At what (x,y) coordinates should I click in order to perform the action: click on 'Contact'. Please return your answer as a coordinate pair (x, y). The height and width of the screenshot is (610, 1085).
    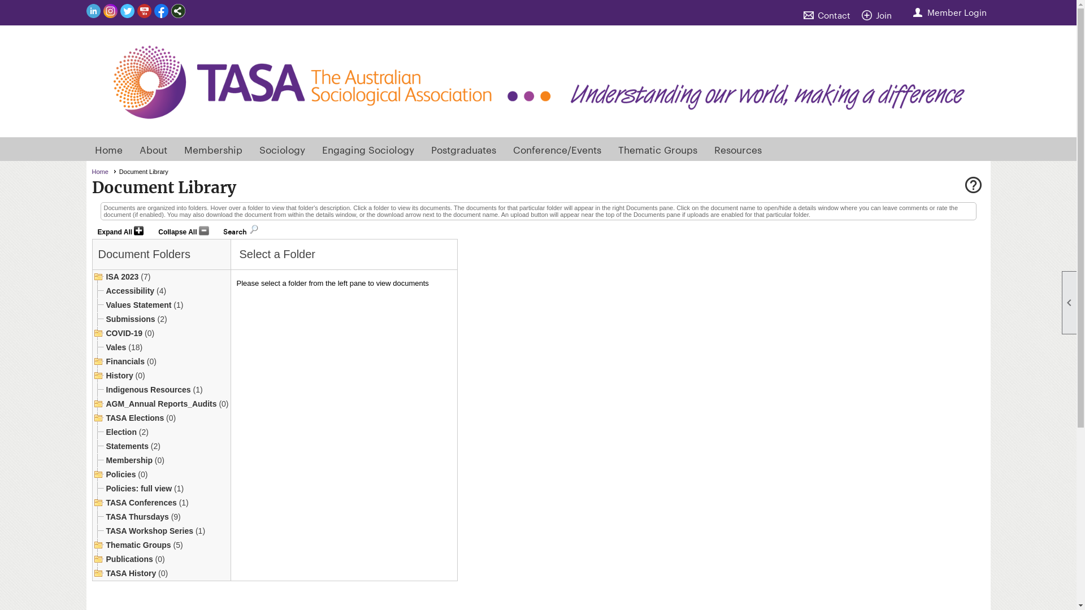
    Looking at the image, I should click on (830, 15).